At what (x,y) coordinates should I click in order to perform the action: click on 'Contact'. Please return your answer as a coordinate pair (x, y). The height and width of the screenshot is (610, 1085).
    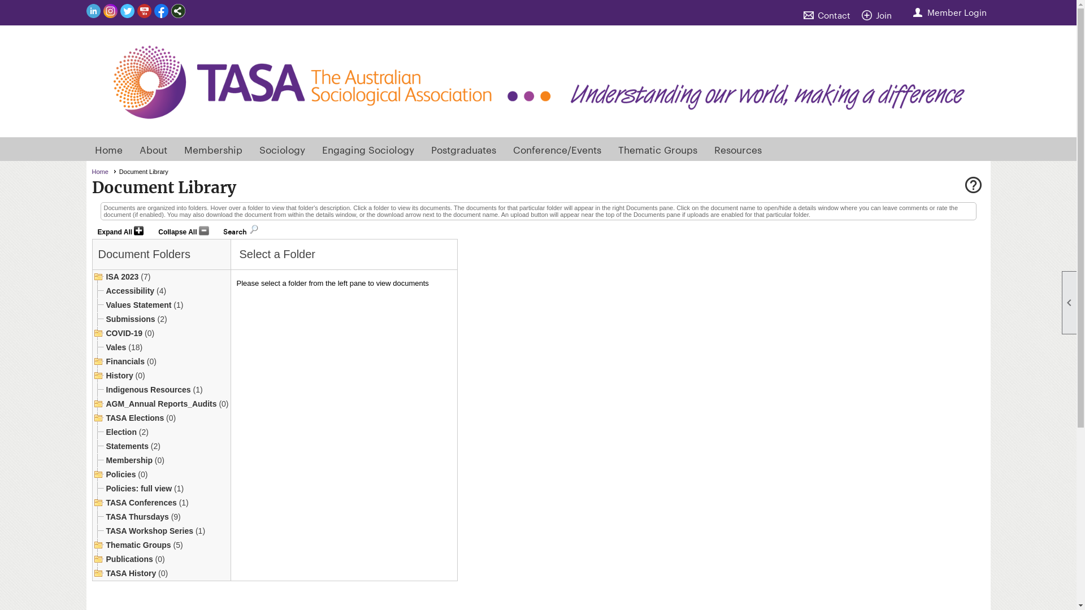
    Looking at the image, I should click on (830, 15).